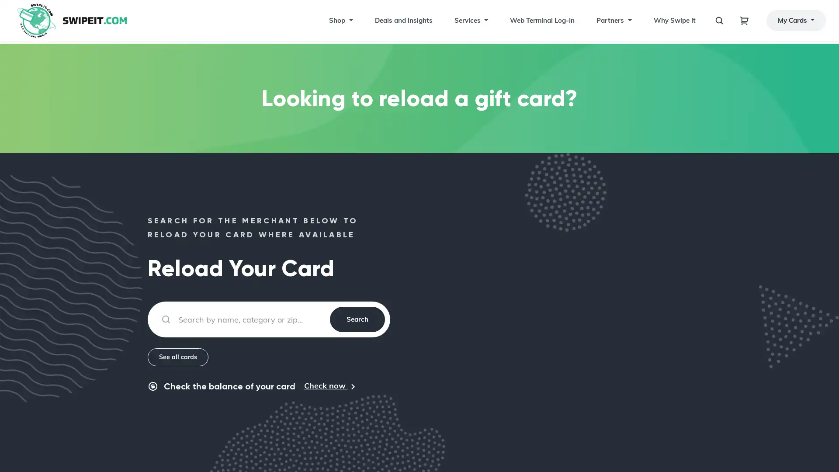 The height and width of the screenshot is (472, 839). I want to click on Toggle navigation, so click(744, 21).